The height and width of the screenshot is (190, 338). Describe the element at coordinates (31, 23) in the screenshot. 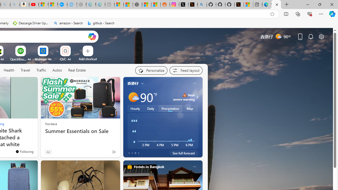

I see `'Descarga Driver Updater'` at that location.